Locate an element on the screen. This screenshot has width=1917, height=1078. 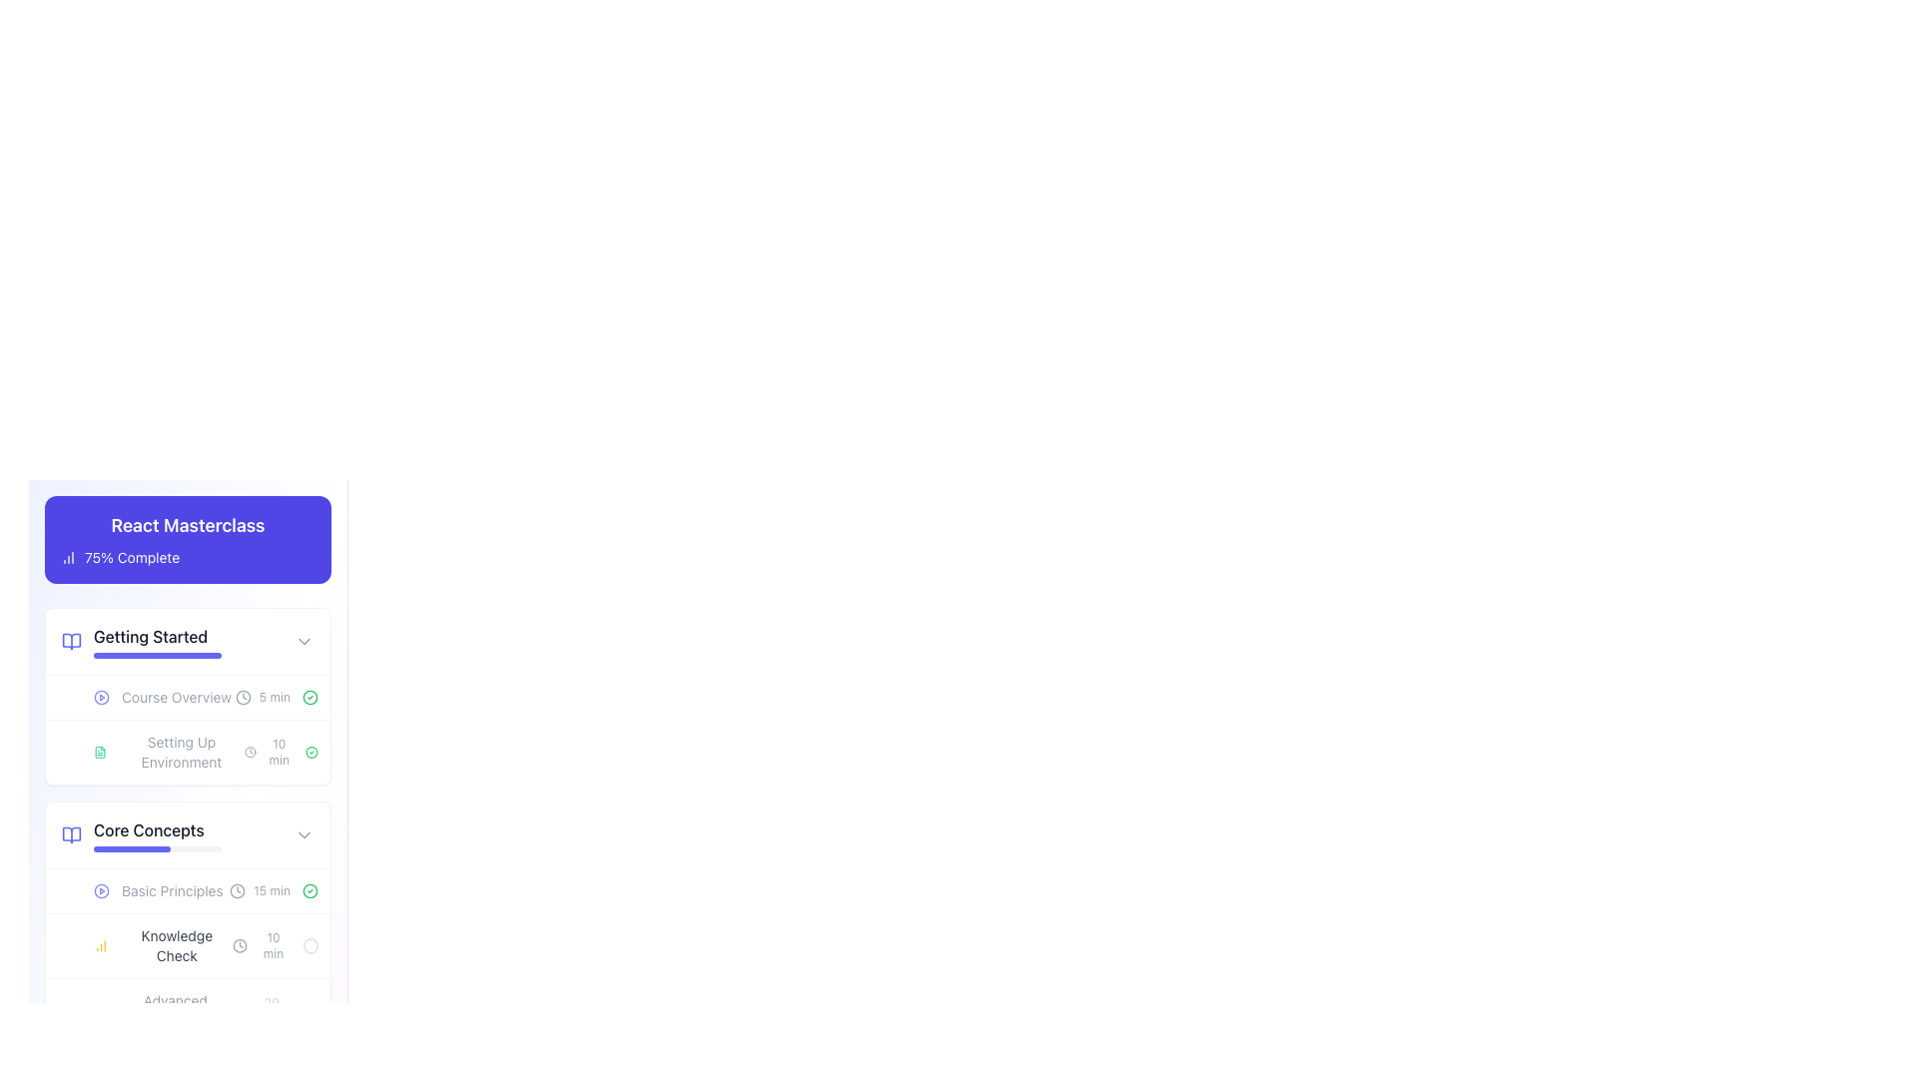
the Toggle icon located at the far right within the 'Getting Started' section is located at coordinates (304, 642).